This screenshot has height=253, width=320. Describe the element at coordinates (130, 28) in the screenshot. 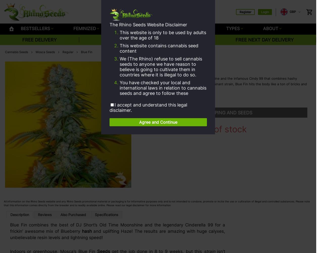

I see `'SEEDBANK'` at that location.